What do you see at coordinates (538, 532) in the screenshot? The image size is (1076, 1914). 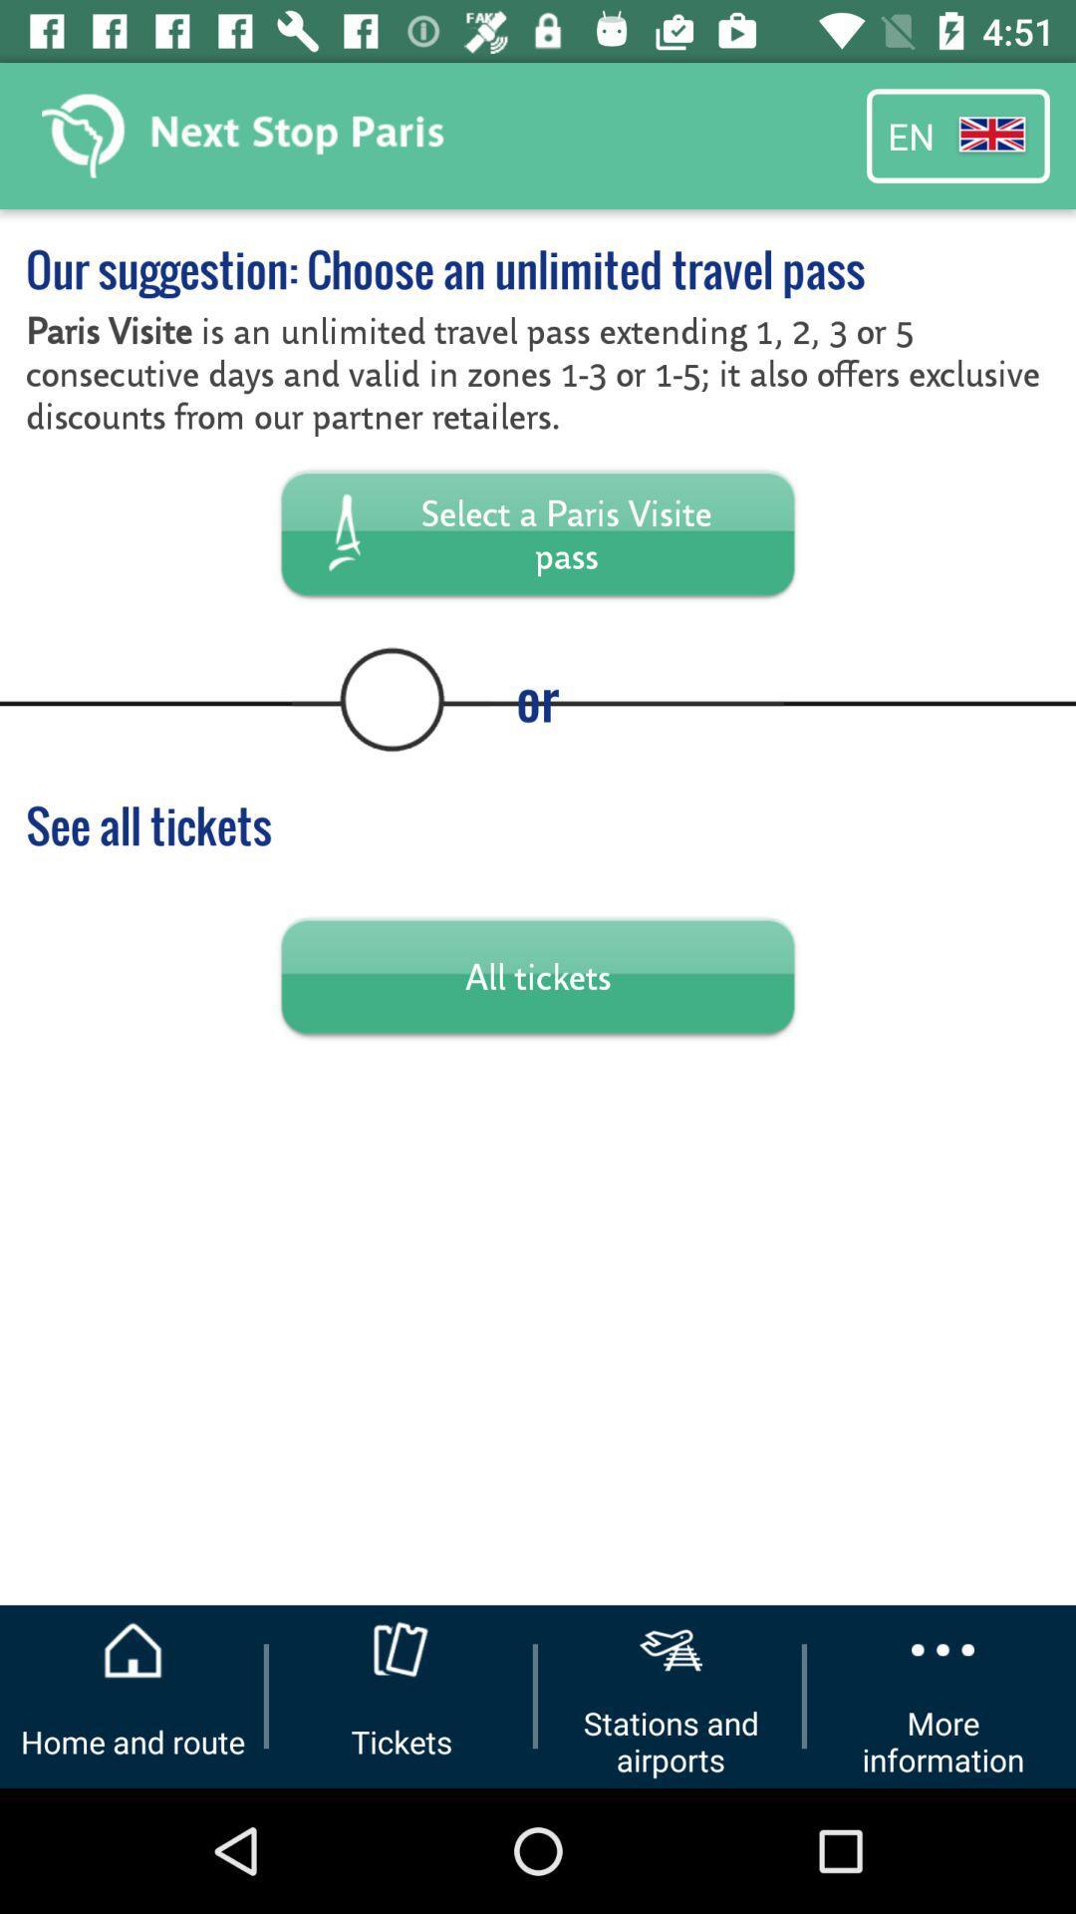 I see `the select a paris icon` at bounding box center [538, 532].